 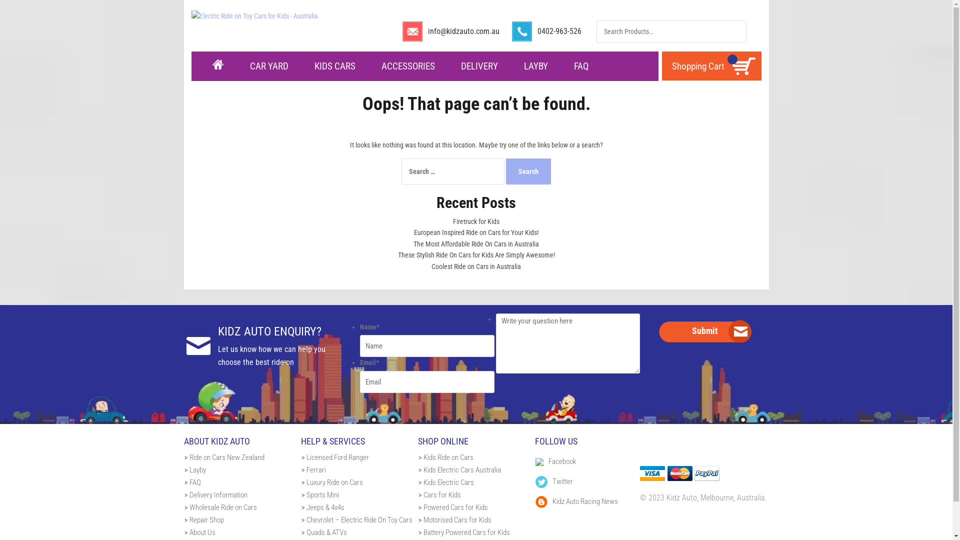 What do you see at coordinates (447, 481) in the screenshot?
I see `'Kids Electric Cars'` at bounding box center [447, 481].